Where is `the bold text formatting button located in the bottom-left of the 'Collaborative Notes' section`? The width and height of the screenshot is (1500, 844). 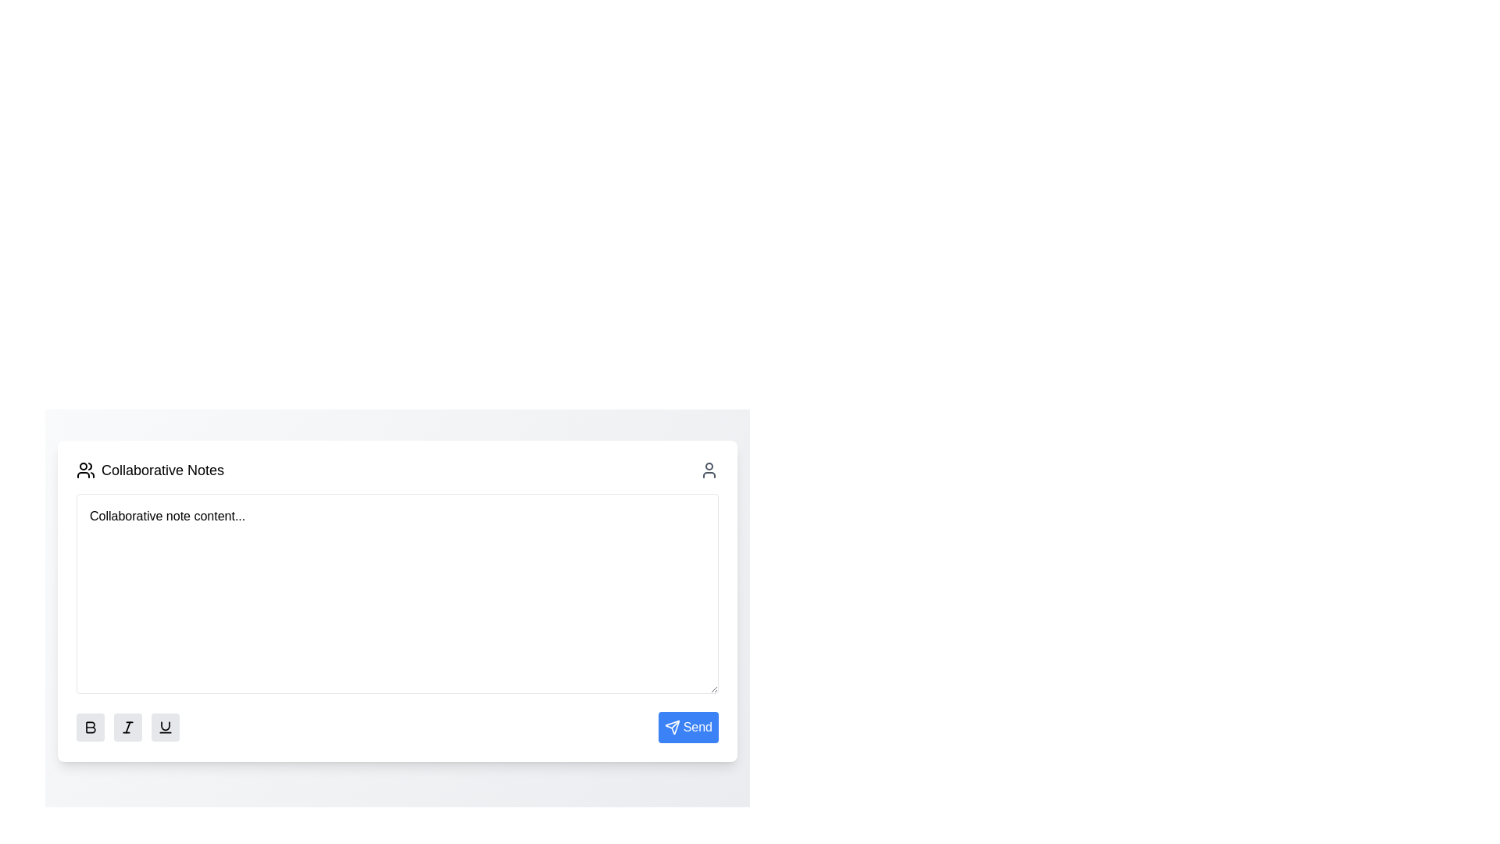 the bold text formatting button located in the bottom-left of the 'Collaborative Notes' section is located at coordinates (89, 727).